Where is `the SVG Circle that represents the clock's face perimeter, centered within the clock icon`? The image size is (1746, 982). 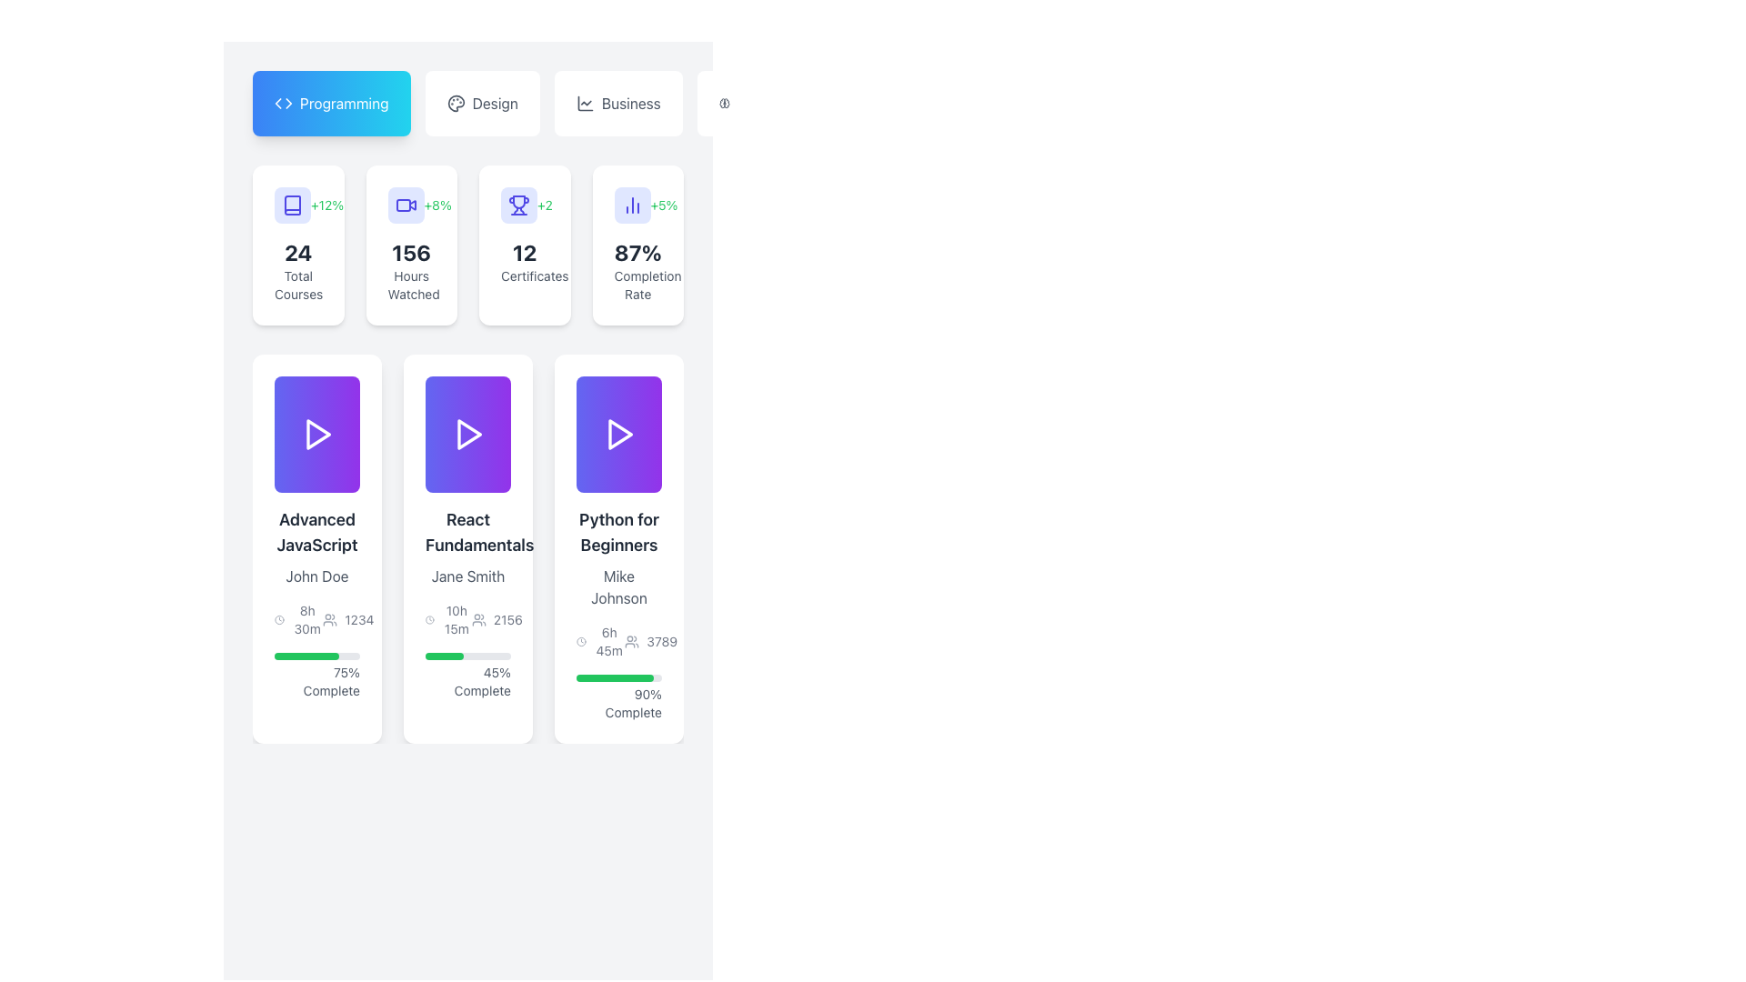
the SVG Circle that represents the clock's face perimeter, centered within the clock icon is located at coordinates (278, 619).